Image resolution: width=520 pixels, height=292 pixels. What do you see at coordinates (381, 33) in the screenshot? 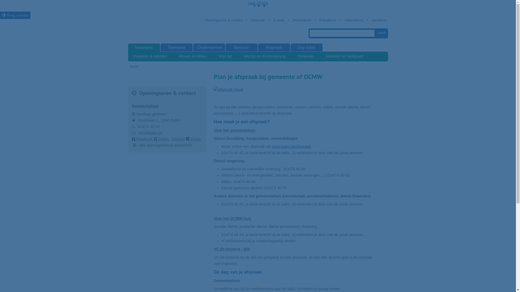
I see `'zoek'` at bounding box center [381, 33].